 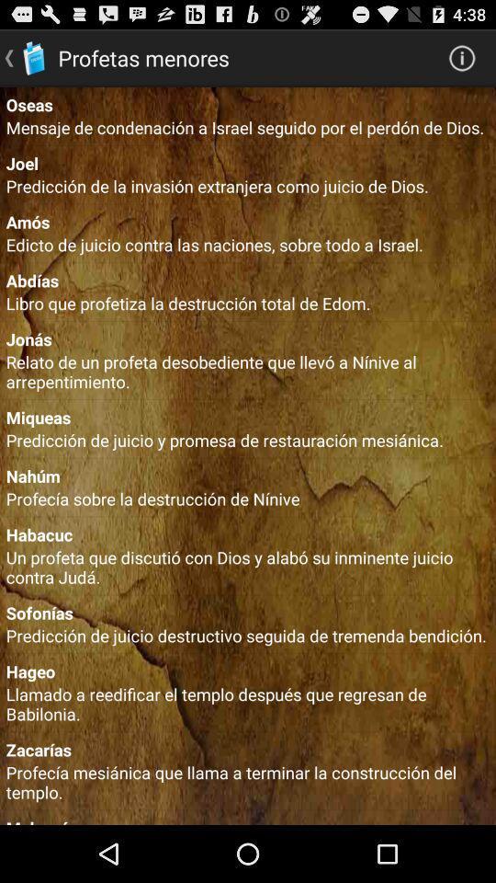 What do you see at coordinates (248, 104) in the screenshot?
I see `oseas icon` at bounding box center [248, 104].